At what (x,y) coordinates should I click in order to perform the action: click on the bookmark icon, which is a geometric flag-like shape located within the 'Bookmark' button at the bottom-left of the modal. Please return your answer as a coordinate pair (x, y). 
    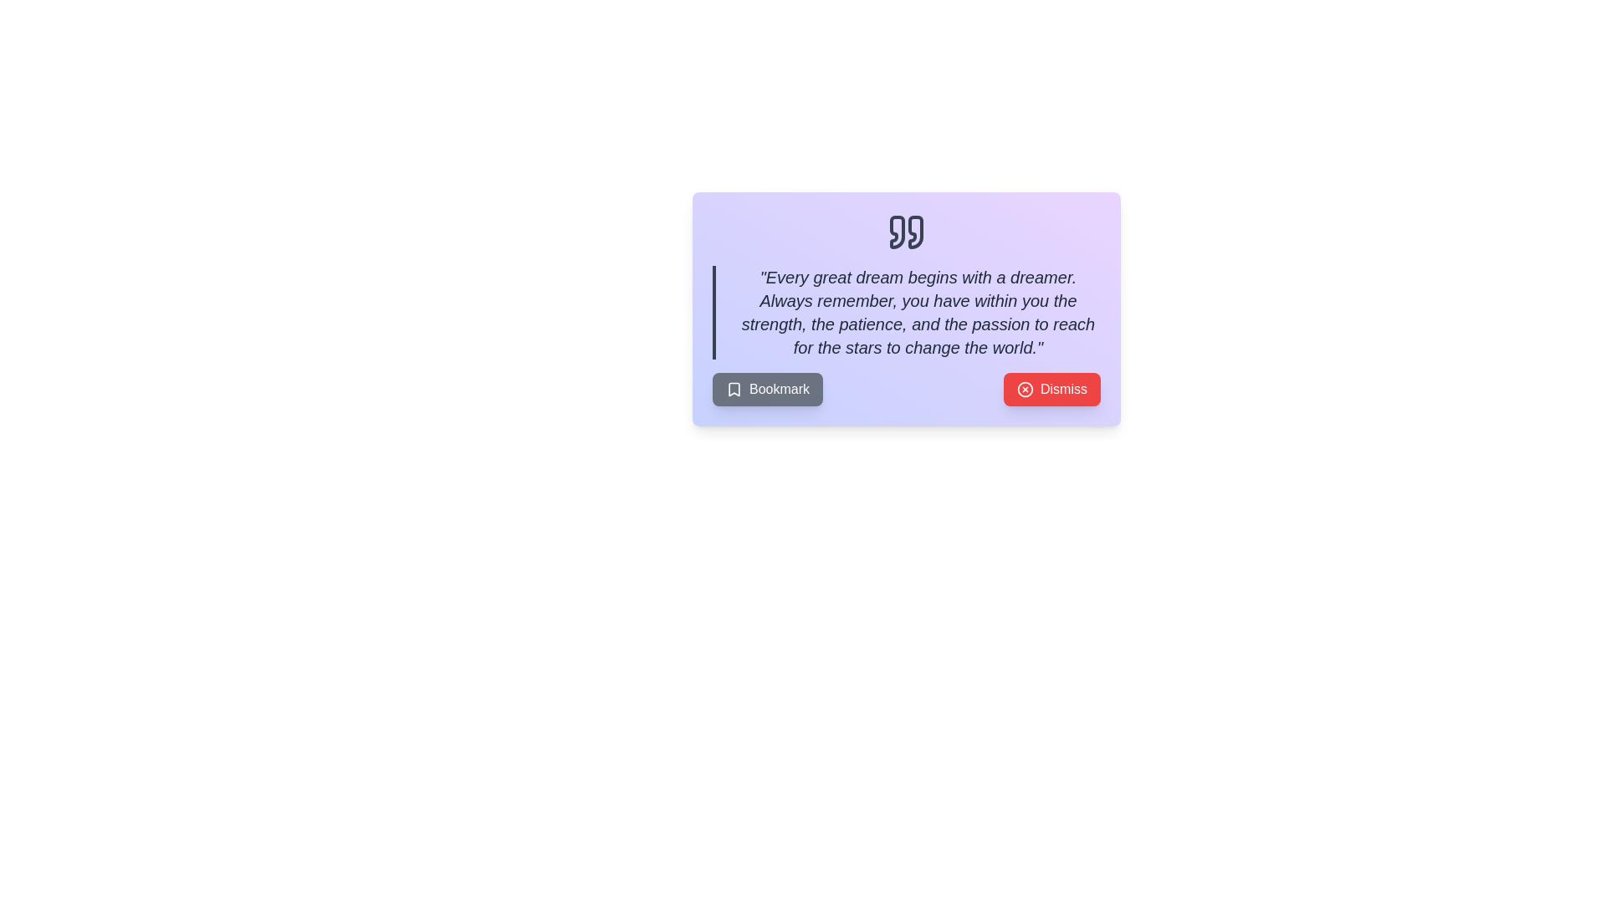
    Looking at the image, I should click on (734, 390).